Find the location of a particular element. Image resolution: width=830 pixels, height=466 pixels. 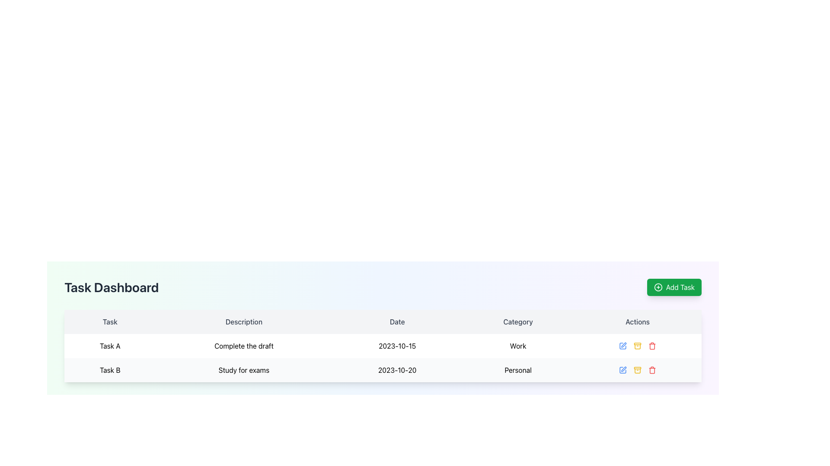

the small horizontal rectangle with rounded corners, which is part of the document archive icon located in the Actions column of the task table is located at coordinates (638, 343).